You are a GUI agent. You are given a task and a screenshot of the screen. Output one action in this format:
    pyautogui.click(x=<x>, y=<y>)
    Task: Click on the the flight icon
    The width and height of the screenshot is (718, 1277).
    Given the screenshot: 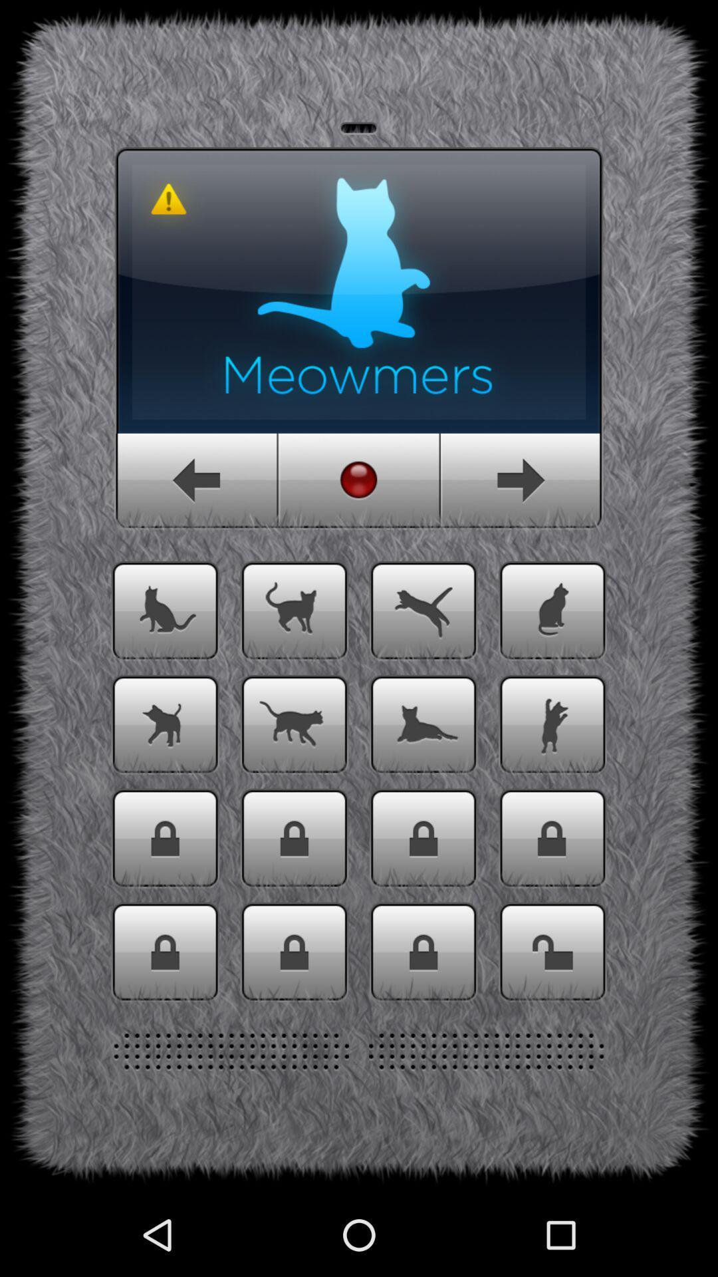 What is the action you would take?
    pyautogui.click(x=164, y=783)
    